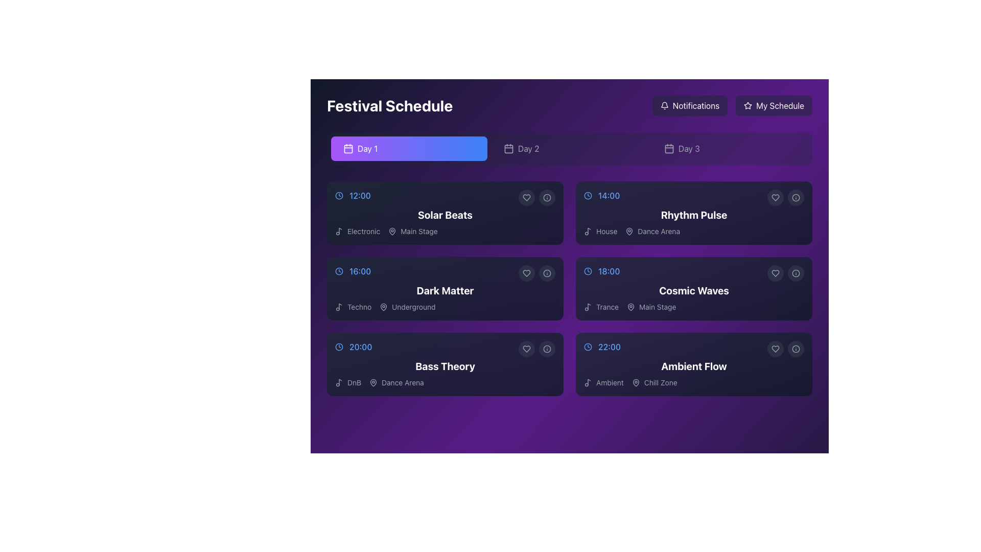 Image resolution: width=981 pixels, height=552 pixels. Describe the element at coordinates (588, 307) in the screenshot. I see `the 'Trance' genre icon located in the 'Cosmic Waves' card at 18:00` at that location.